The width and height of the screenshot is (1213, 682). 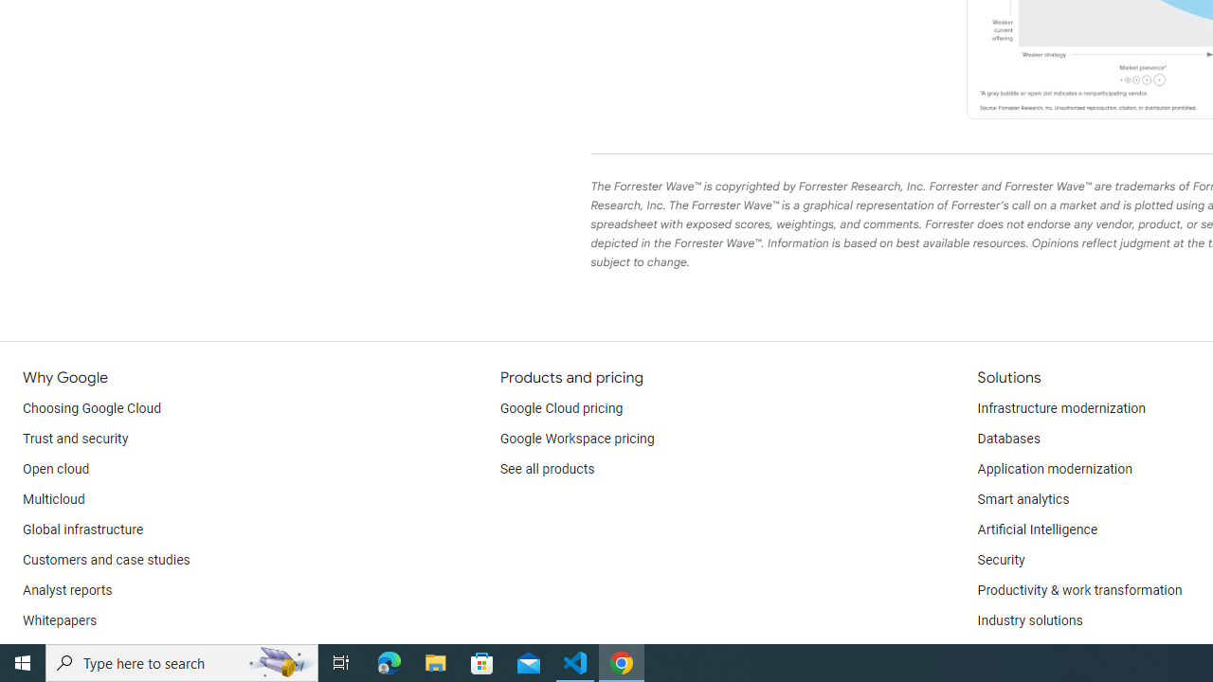 What do you see at coordinates (1079, 589) in the screenshot?
I see `'Productivity & work transformation'` at bounding box center [1079, 589].